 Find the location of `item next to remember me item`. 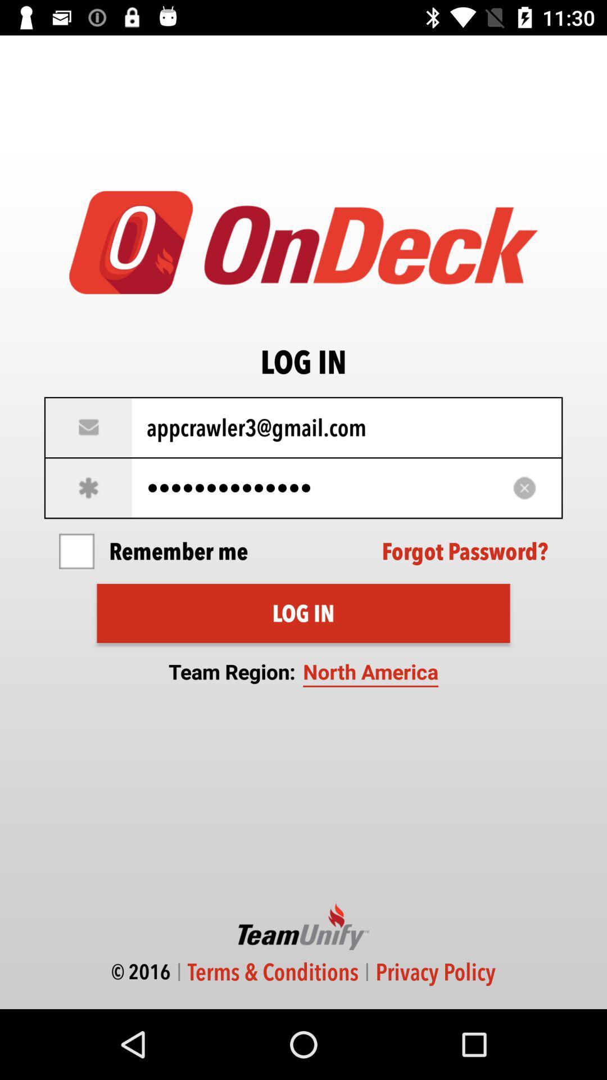

item next to remember me item is located at coordinates (76, 551).